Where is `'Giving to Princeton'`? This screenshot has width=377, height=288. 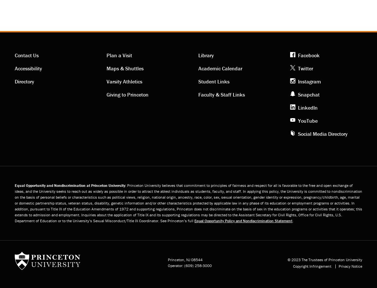 'Giving to Princeton' is located at coordinates (128, 94).